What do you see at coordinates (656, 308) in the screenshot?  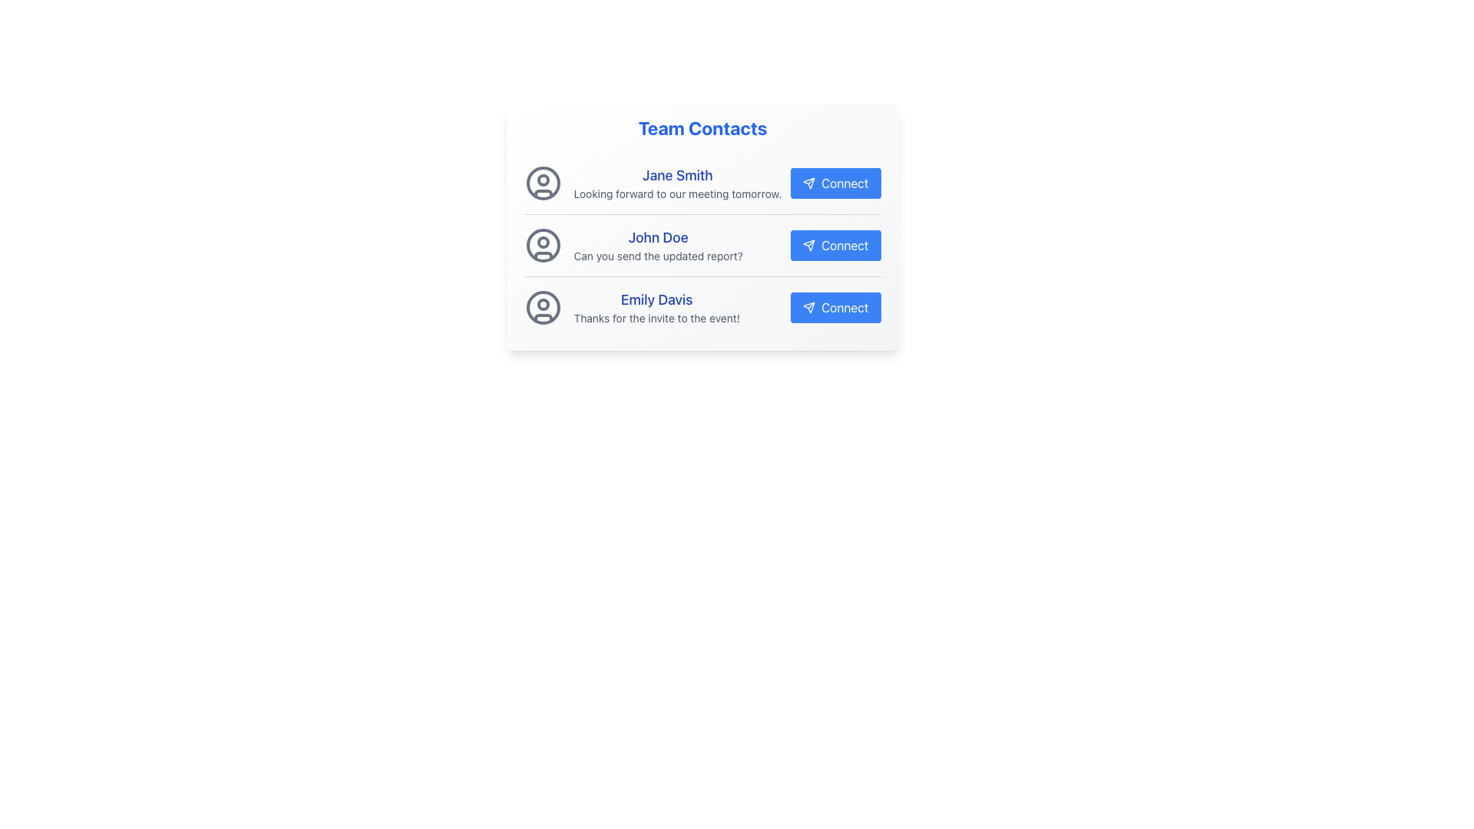 I see `the Text Display element that shows a contact's name and message, located in the third row of a vertical list, to inspect it` at bounding box center [656, 308].